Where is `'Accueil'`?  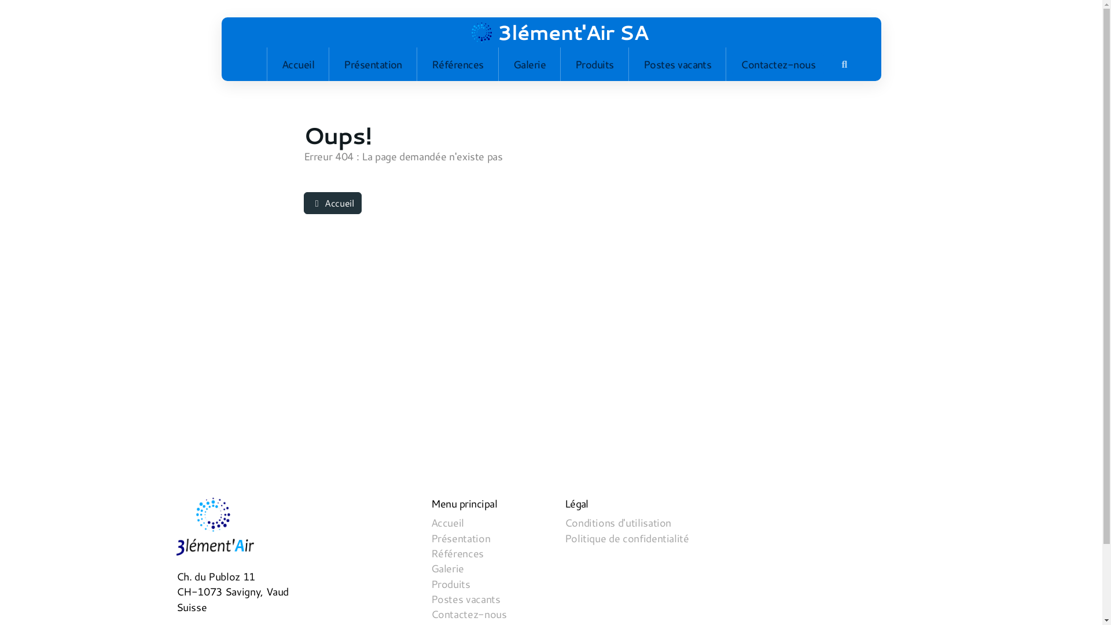 'Accueil' is located at coordinates (298, 64).